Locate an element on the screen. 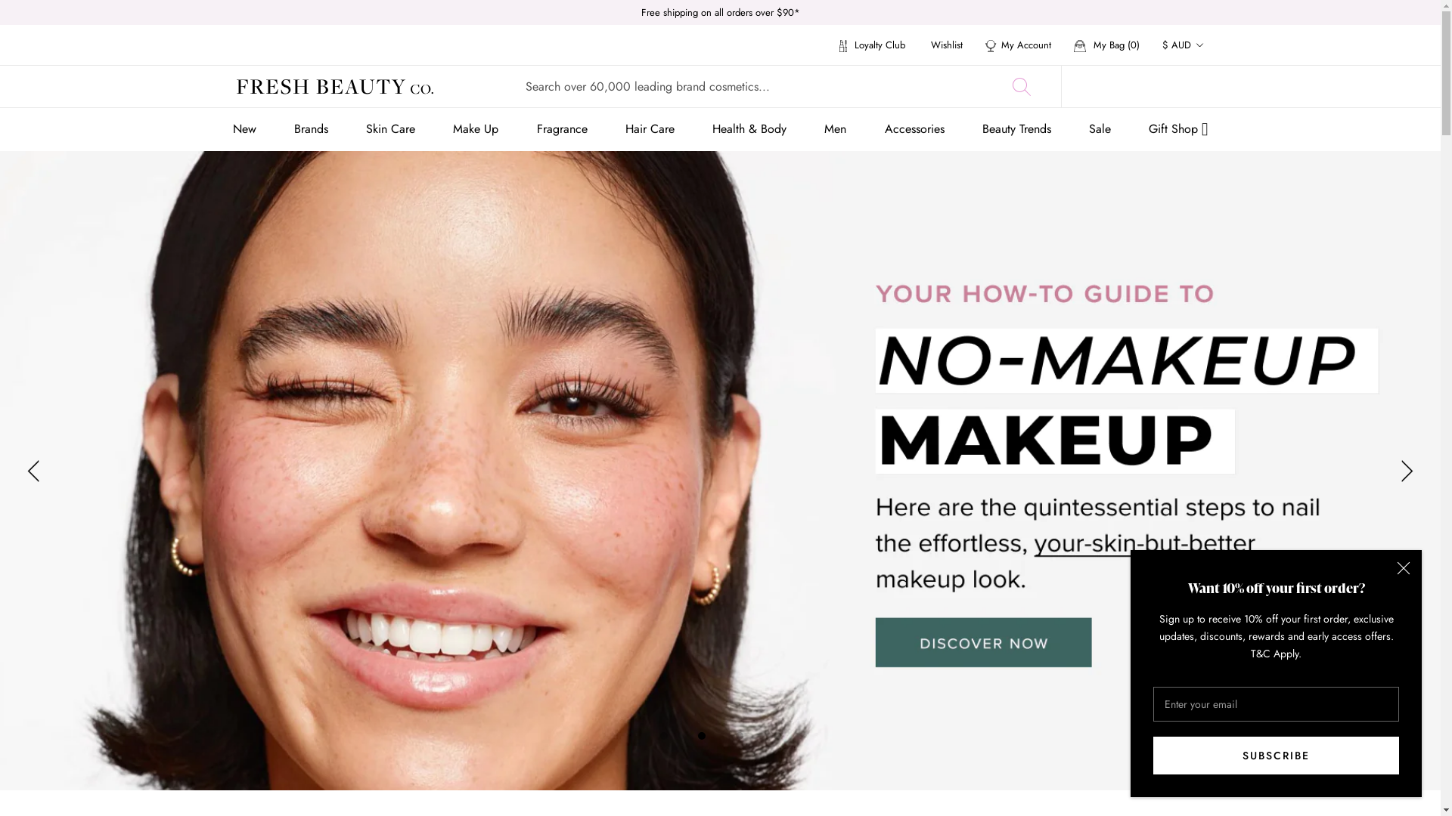 The width and height of the screenshot is (1452, 816). '$ AUD' is located at coordinates (1161, 44).